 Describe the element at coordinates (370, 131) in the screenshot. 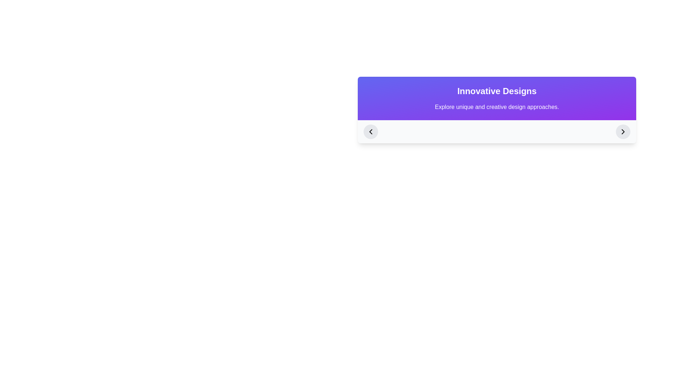

I see `the gray circular button containing the left-facing chevron arrow icon for accessibility navigation` at that location.